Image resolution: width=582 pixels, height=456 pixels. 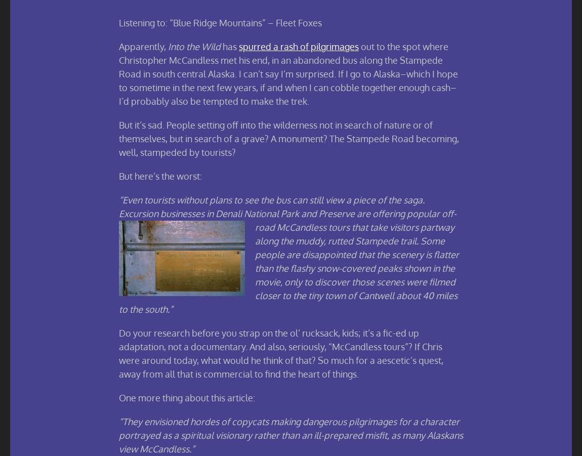 I want to click on 'ess tours that take visitors partway along the muddy, rutted Stampede trail. Some people are disappointed that the scenery is flatter than the flashy snow-covered peaks shown in the movie, only to discover those scenes were filmed closer to the tiny town of Cantwell about 40 miles to the south.”', so click(x=288, y=267).